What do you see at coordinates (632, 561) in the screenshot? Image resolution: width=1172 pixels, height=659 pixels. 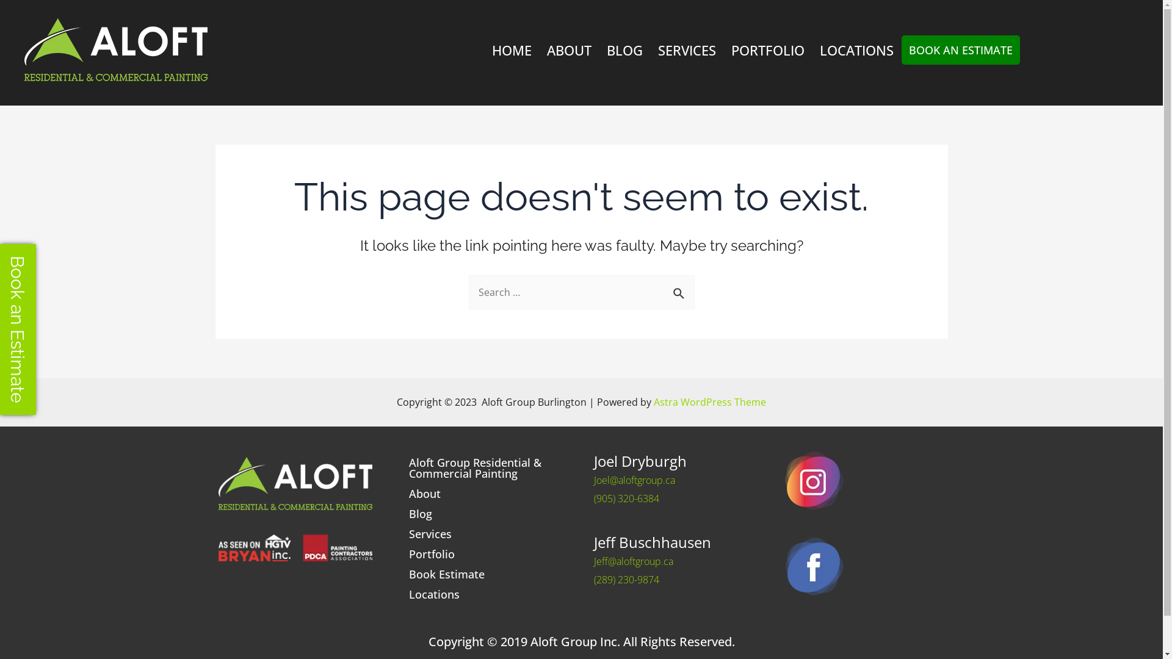 I see `'Jeff@aloftgroup.ca'` at bounding box center [632, 561].